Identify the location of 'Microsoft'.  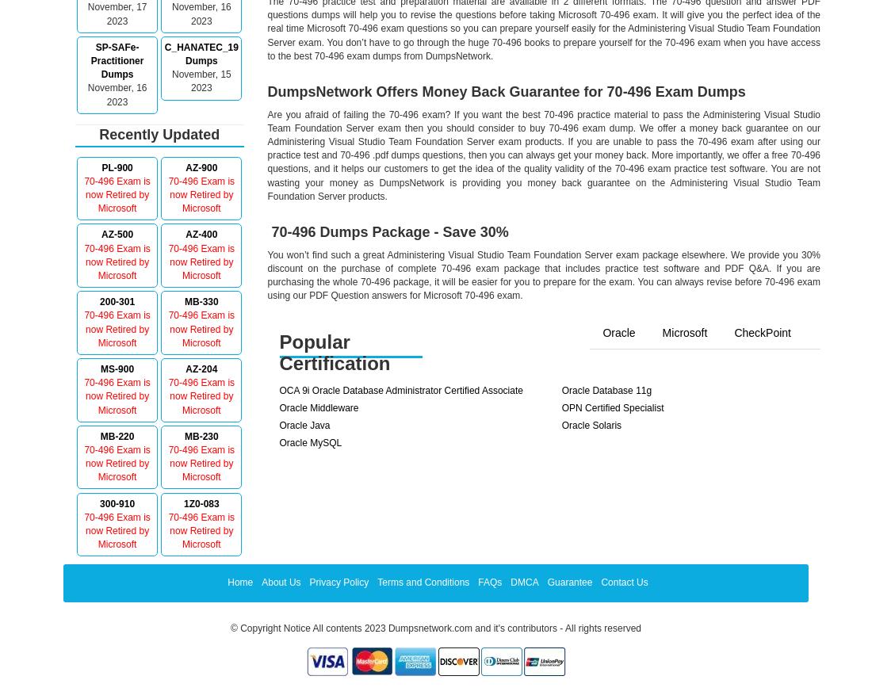
(661, 332).